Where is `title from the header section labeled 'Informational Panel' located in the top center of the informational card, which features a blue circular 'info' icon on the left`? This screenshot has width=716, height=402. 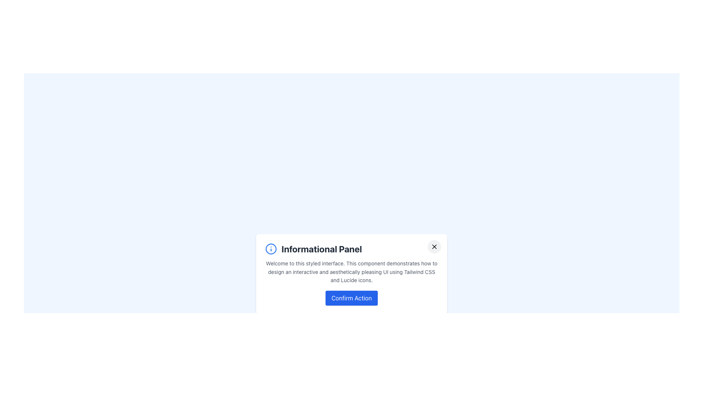
title from the header section labeled 'Informational Panel' located in the top center of the informational card, which features a blue circular 'info' icon on the left is located at coordinates (351, 248).